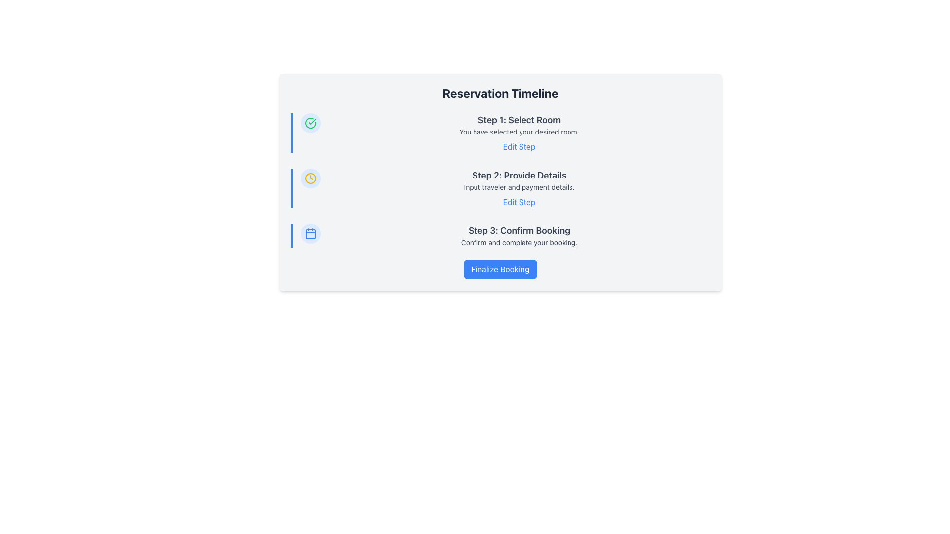  Describe the element at coordinates (310, 123) in the screenshot. I see `the Indicator Icon that represents the completion of 'Step 1: Select Room', located in the left-most column adjacent to the text 'Step 1: Select Room'` at that location.